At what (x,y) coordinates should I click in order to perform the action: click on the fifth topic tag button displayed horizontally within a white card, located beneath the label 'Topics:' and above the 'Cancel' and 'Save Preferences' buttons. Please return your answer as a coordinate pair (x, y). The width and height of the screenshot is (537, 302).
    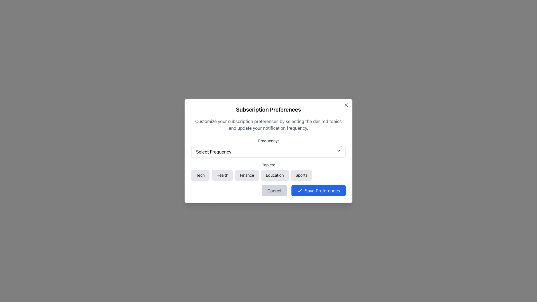
    Looking at the image, I should click on (268, 171).